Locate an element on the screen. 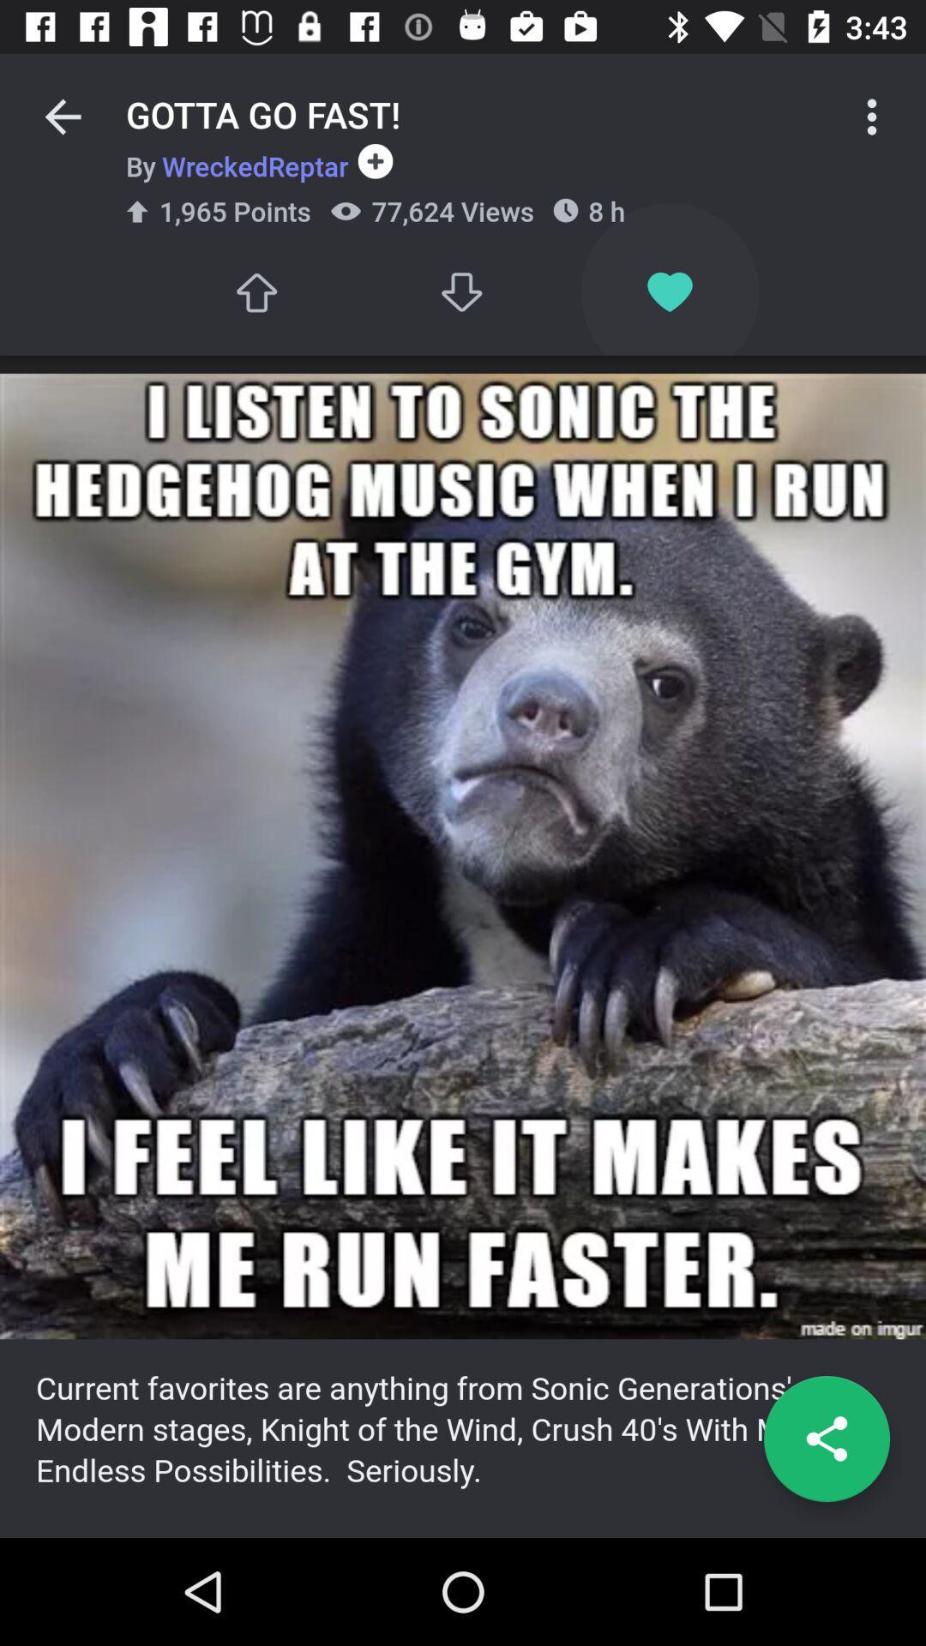  the favorite icon is located at coordinates (669, 292).